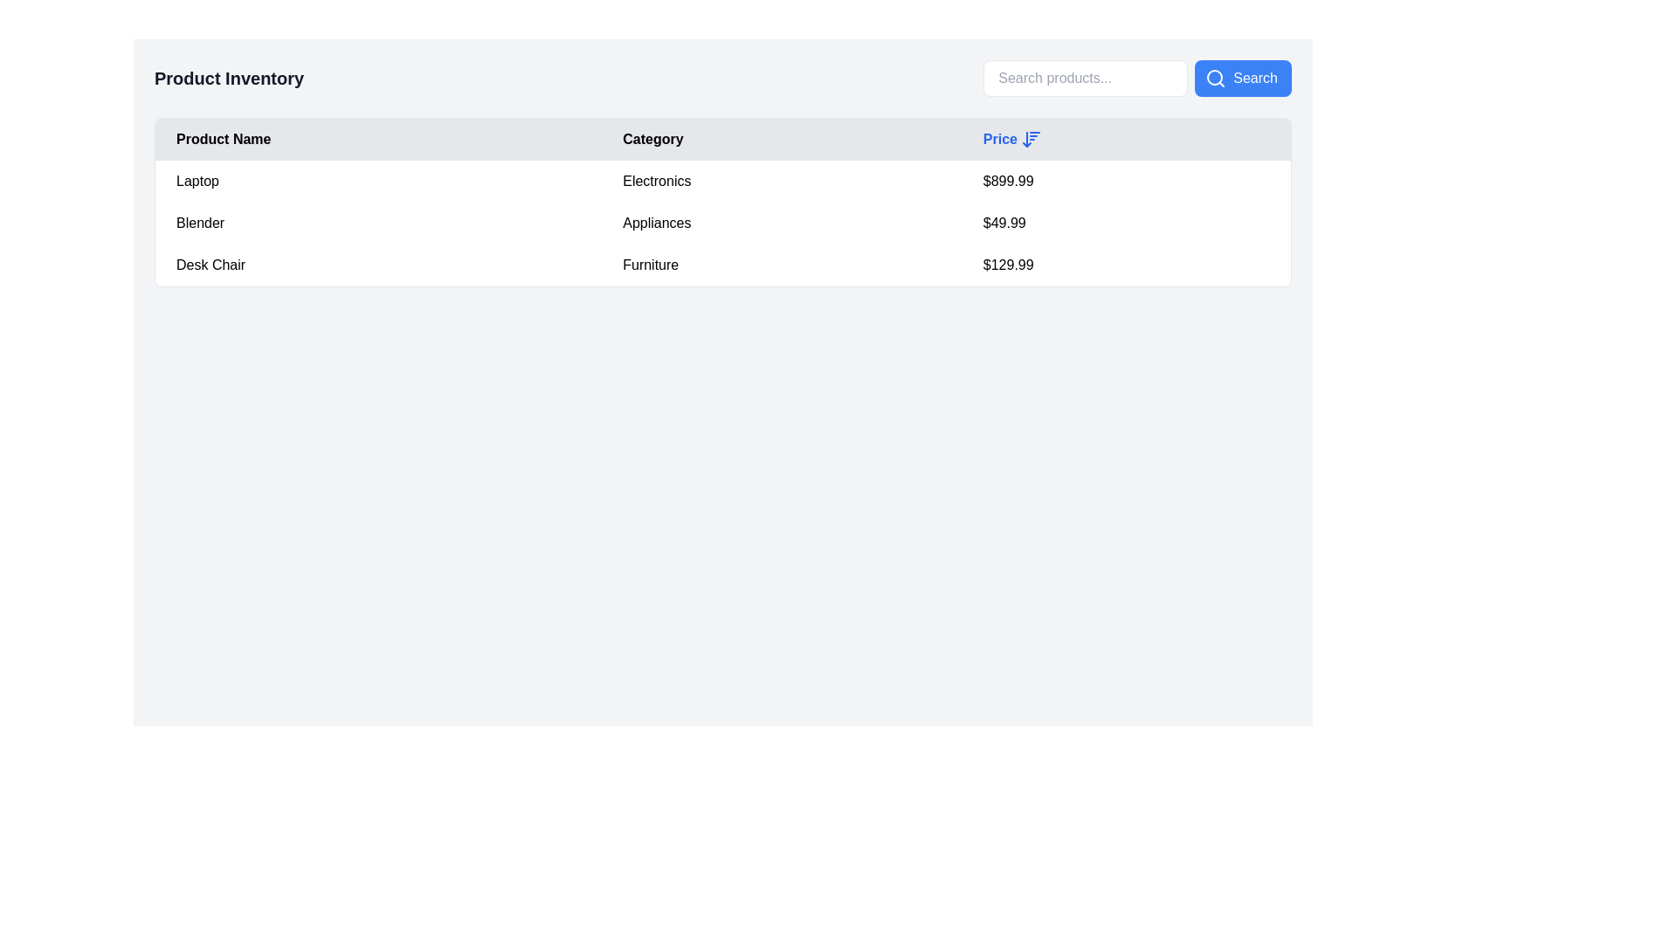 This screenshot has width=1677, height=943. I want to click on the interactive sortable column header for the 'Price' column, so click(1012, 138).